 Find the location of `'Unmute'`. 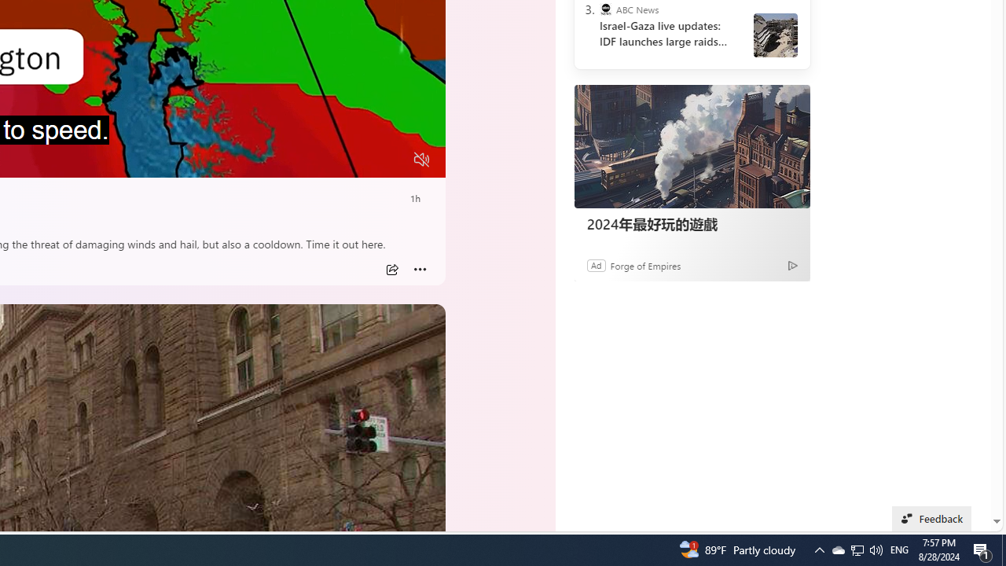

'Unmute' is located at coordinates (421, 160).